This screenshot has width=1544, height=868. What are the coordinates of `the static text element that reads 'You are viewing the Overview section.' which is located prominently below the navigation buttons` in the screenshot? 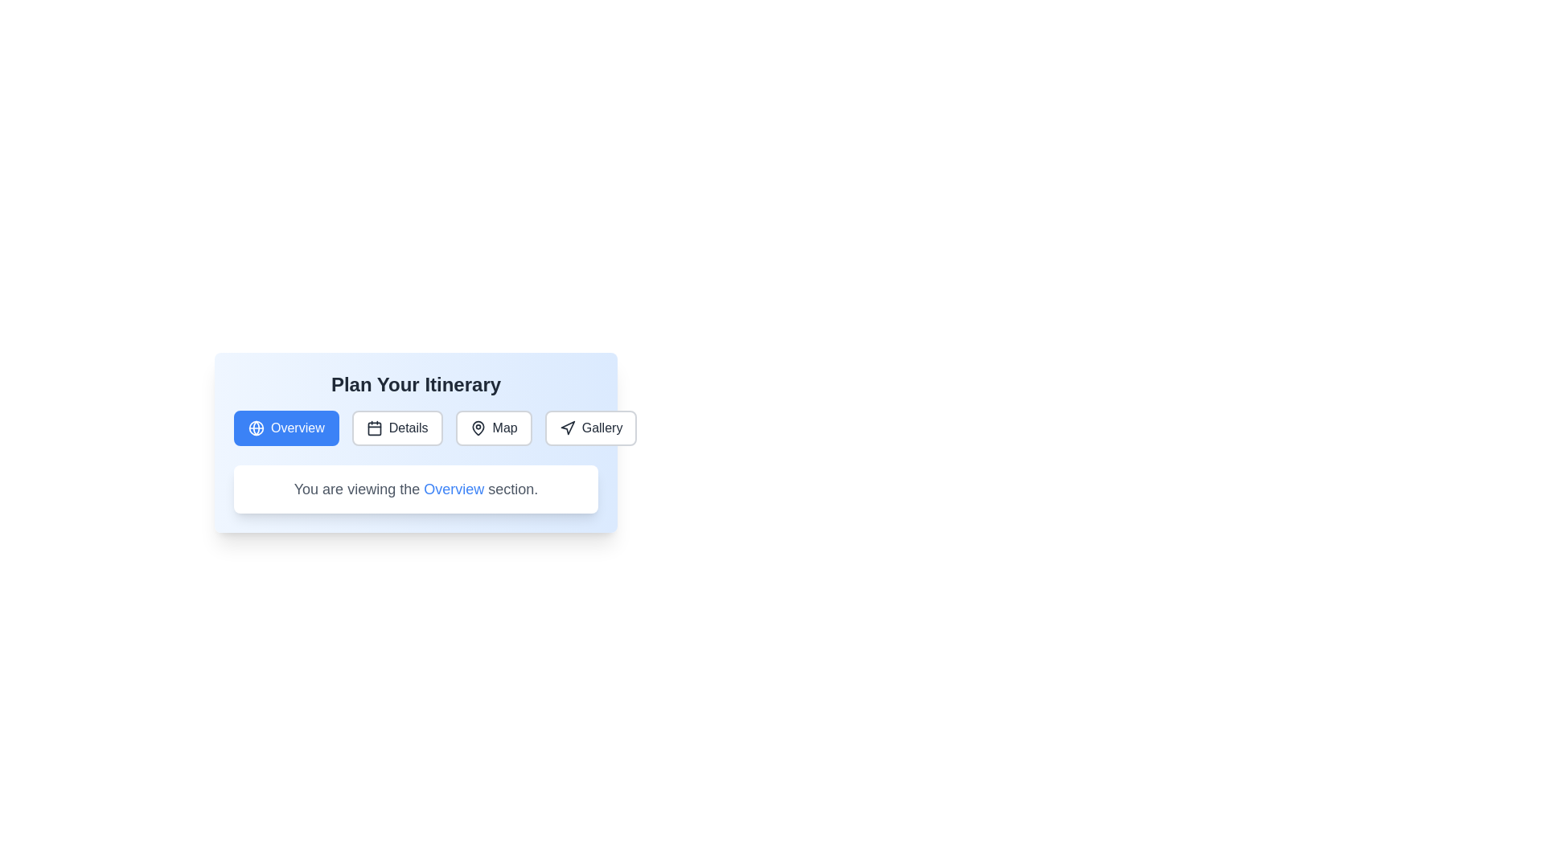 It's located at (416, 489).